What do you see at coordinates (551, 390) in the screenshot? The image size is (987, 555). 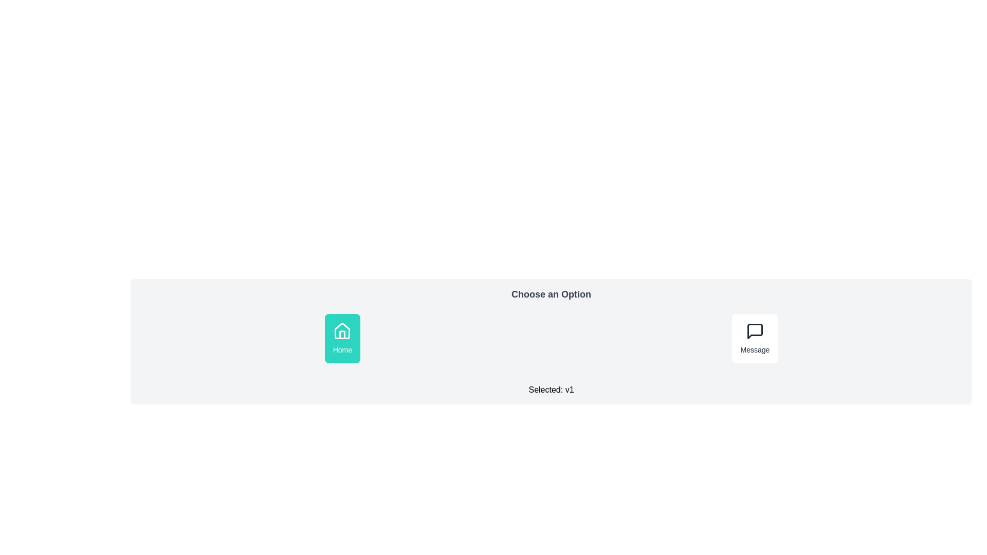 I see `the Static Text Display that reads 'Selected: v1', which is centered at the bottom of the UI layout` at bounding box center [551, 390].